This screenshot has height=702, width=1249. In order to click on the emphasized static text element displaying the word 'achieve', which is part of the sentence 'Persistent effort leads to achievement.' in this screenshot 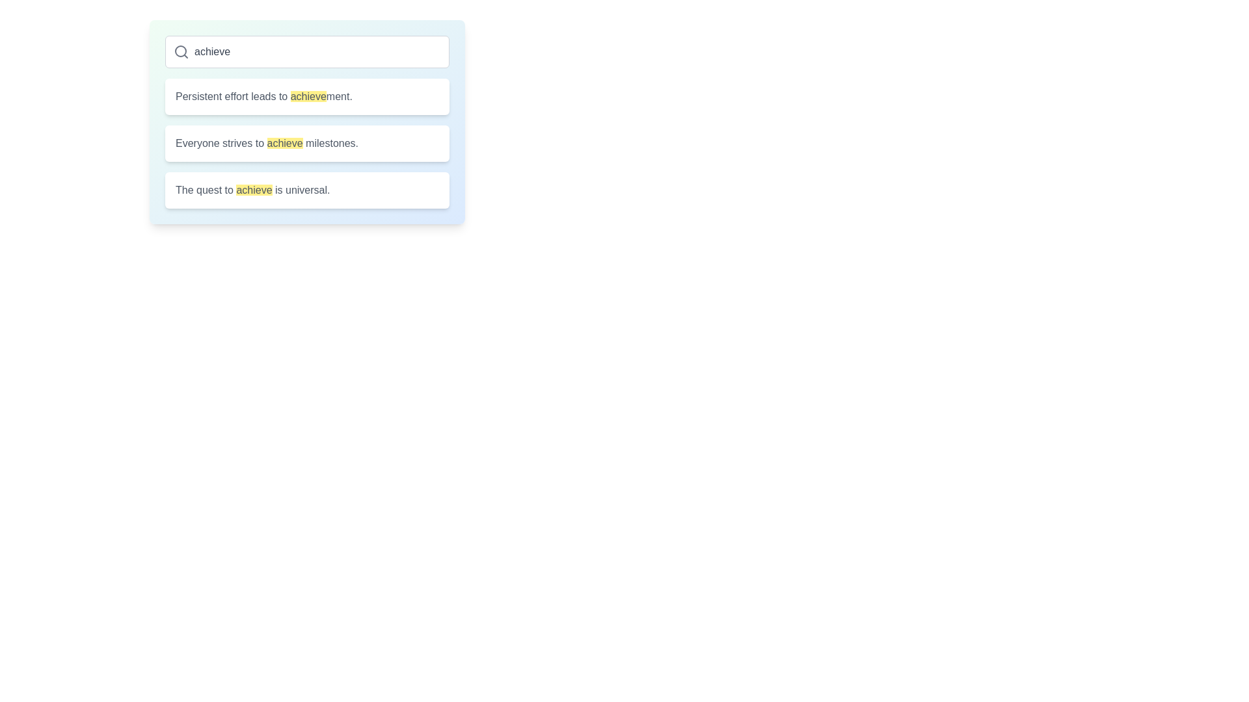, I will do `click(308, 96)`.